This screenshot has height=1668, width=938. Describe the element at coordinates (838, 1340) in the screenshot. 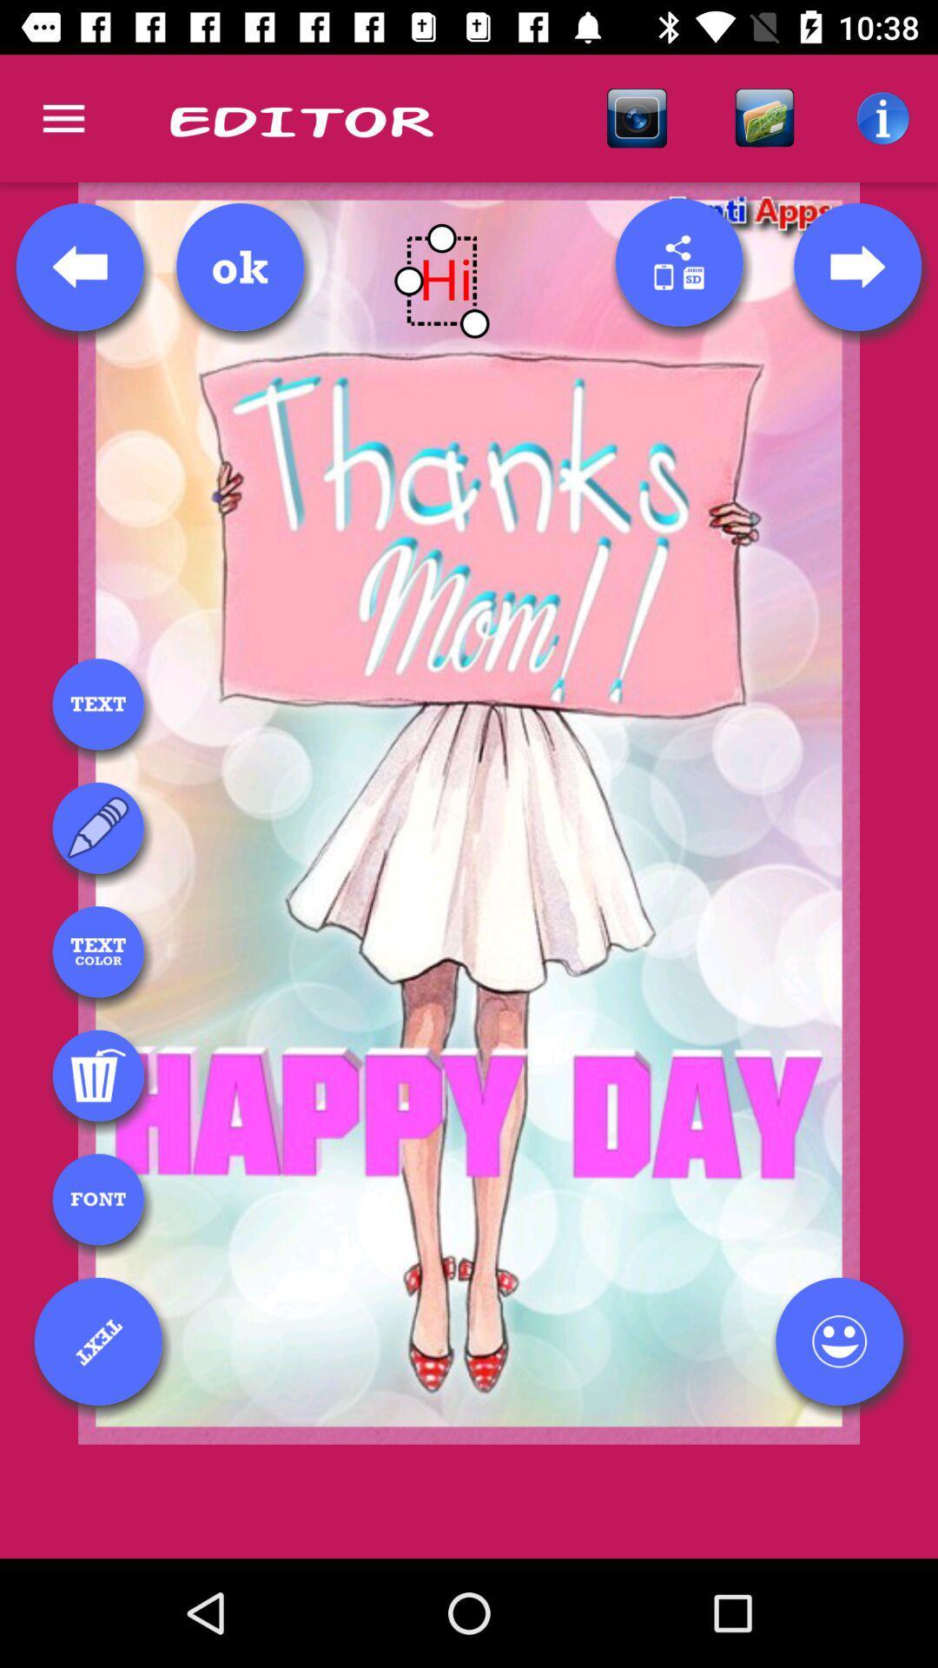

I see `adding emoji` at that location.